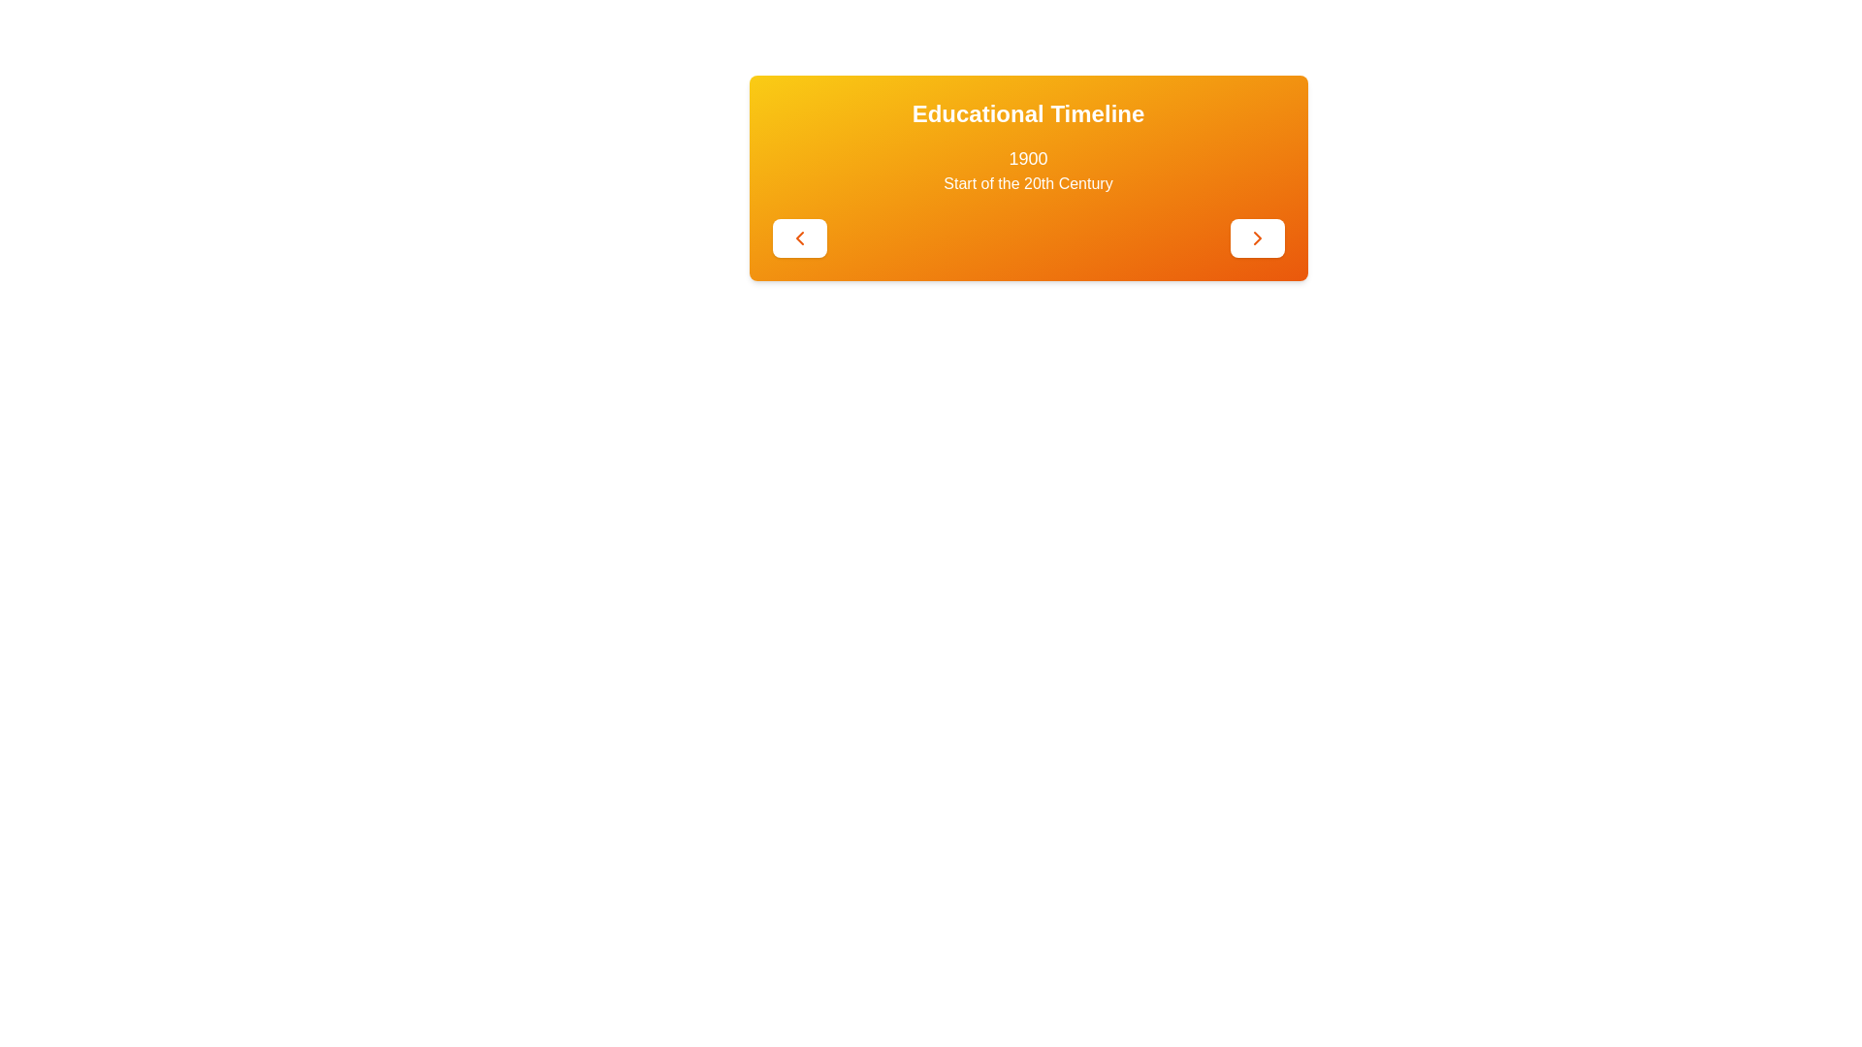 Image resolution: width=1862 pixels, height=1047 pixels. Describe the element at coordinates (1027, 183) in the screenshot. I see `text label that displays 'Start of the 20th Century' located below the '1900' text in the timeline view with a gradient orange background` at that location.